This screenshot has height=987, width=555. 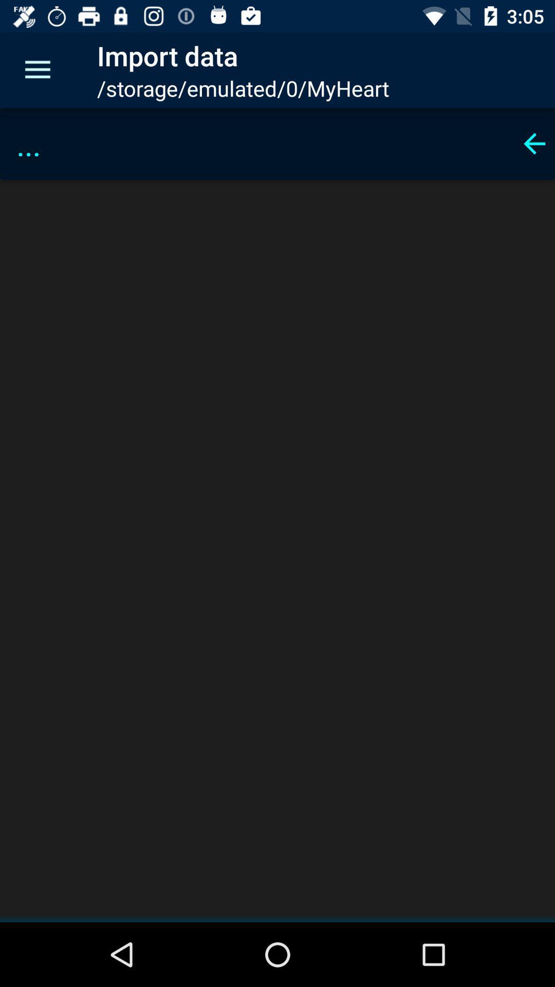 I want to click on the ... item, so click(x=261, y=143).